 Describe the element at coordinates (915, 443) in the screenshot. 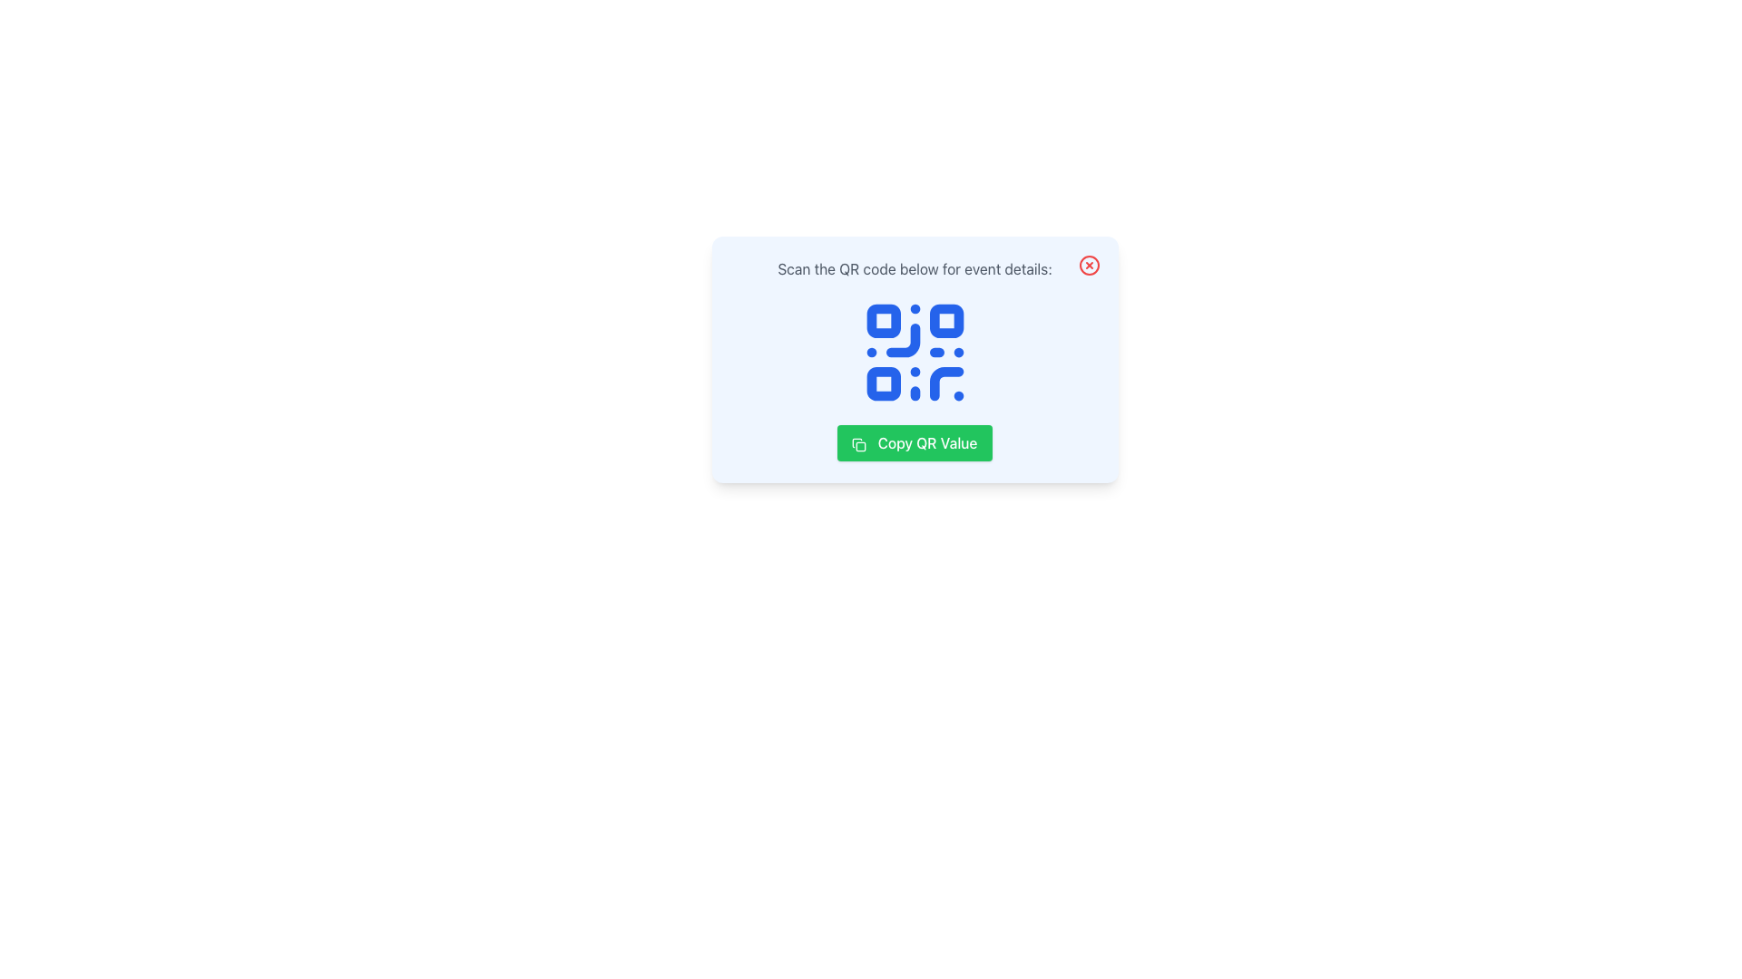

I see `the green button labeled 'Copy QR Value' with an icon of two overlapping sheets to copy the QR value` at that location.